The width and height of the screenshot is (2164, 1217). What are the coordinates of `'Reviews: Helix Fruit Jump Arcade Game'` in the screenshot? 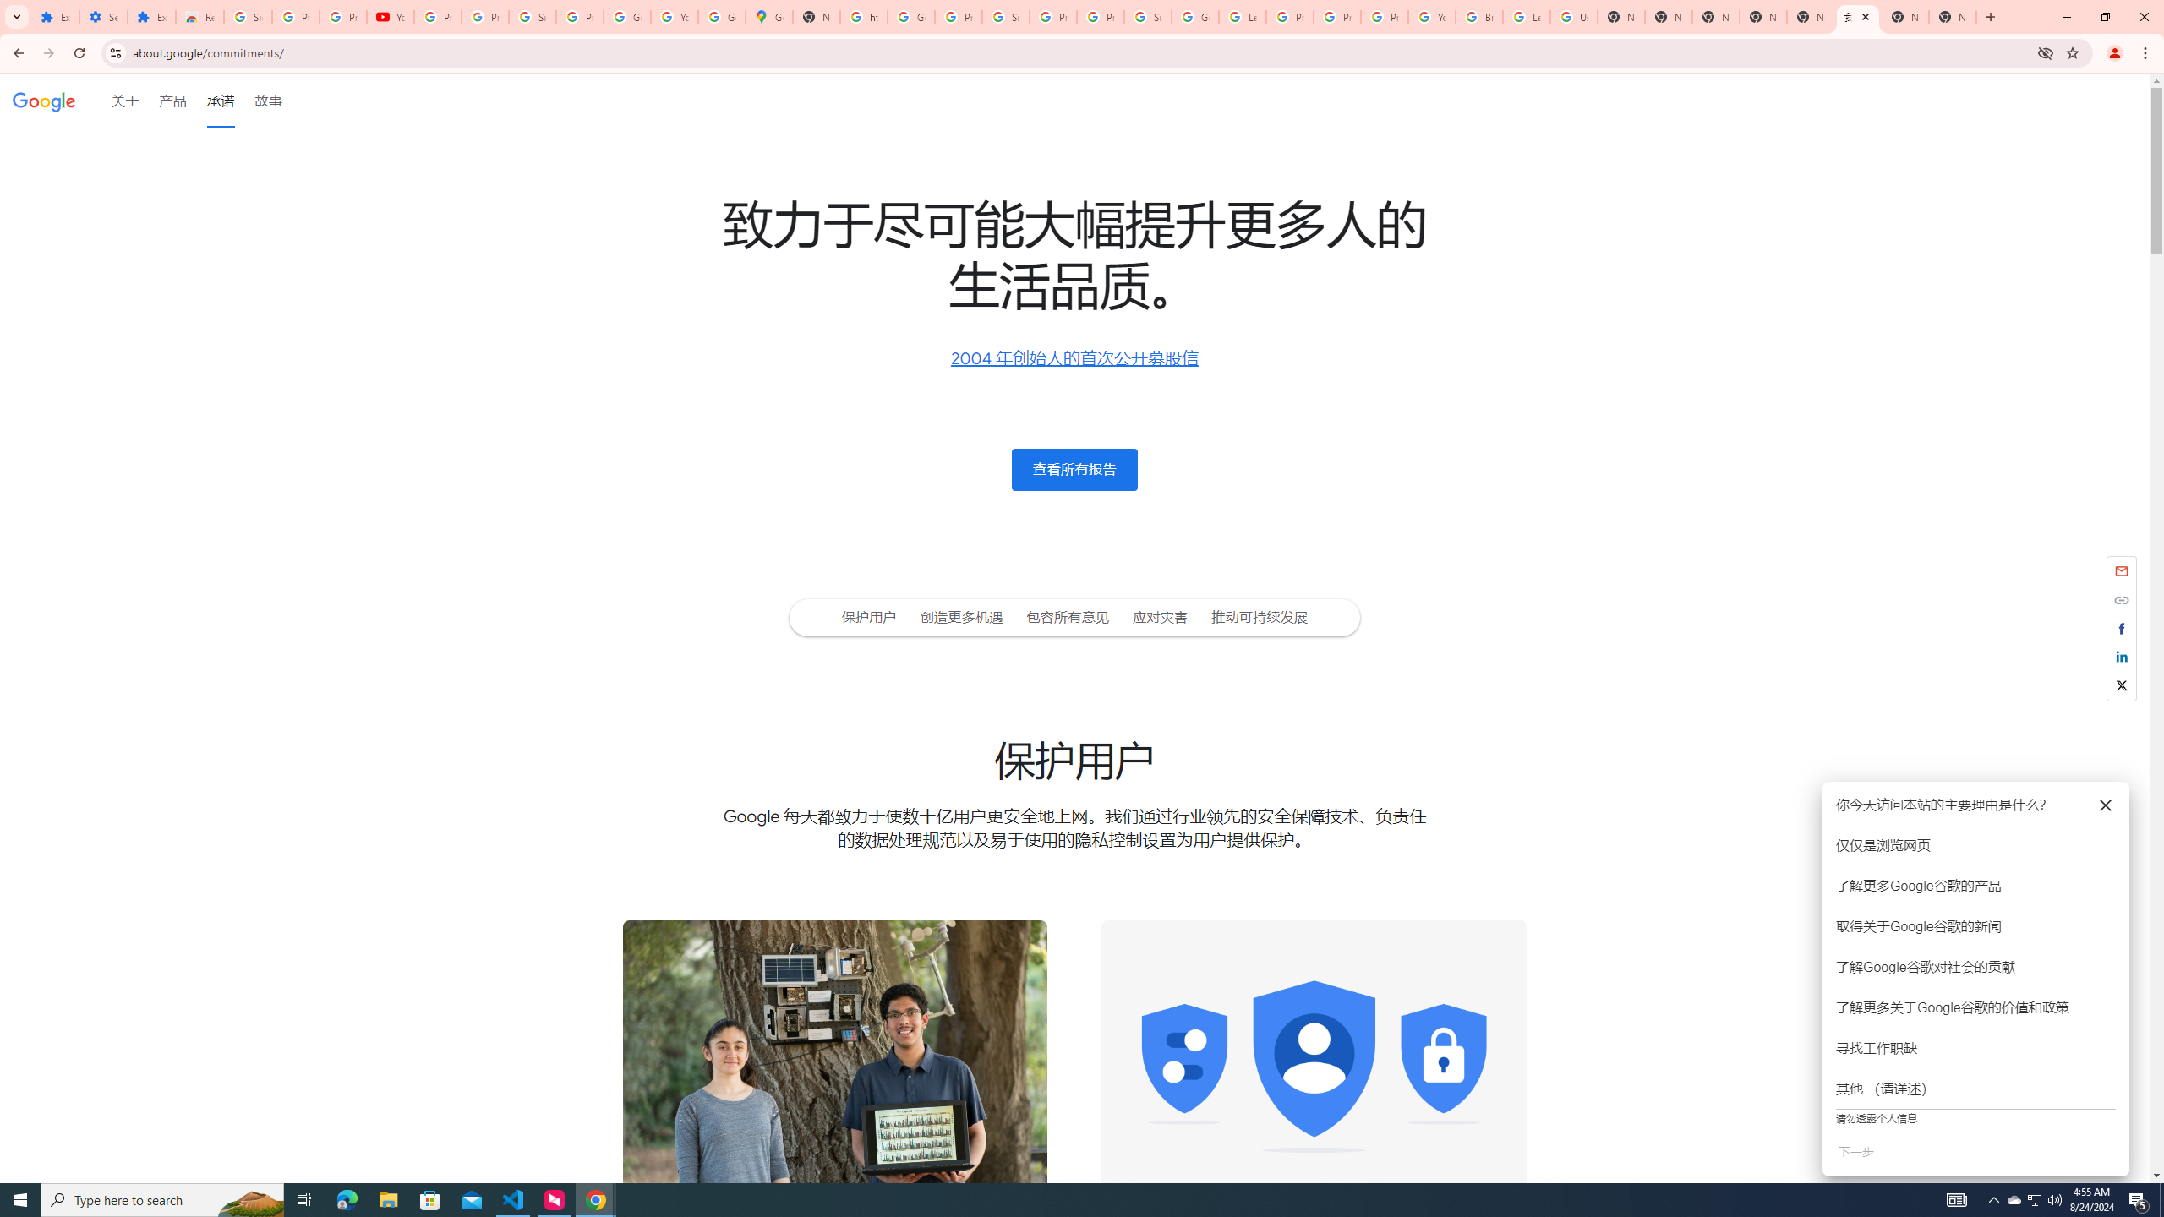 It's located at (199, 16).